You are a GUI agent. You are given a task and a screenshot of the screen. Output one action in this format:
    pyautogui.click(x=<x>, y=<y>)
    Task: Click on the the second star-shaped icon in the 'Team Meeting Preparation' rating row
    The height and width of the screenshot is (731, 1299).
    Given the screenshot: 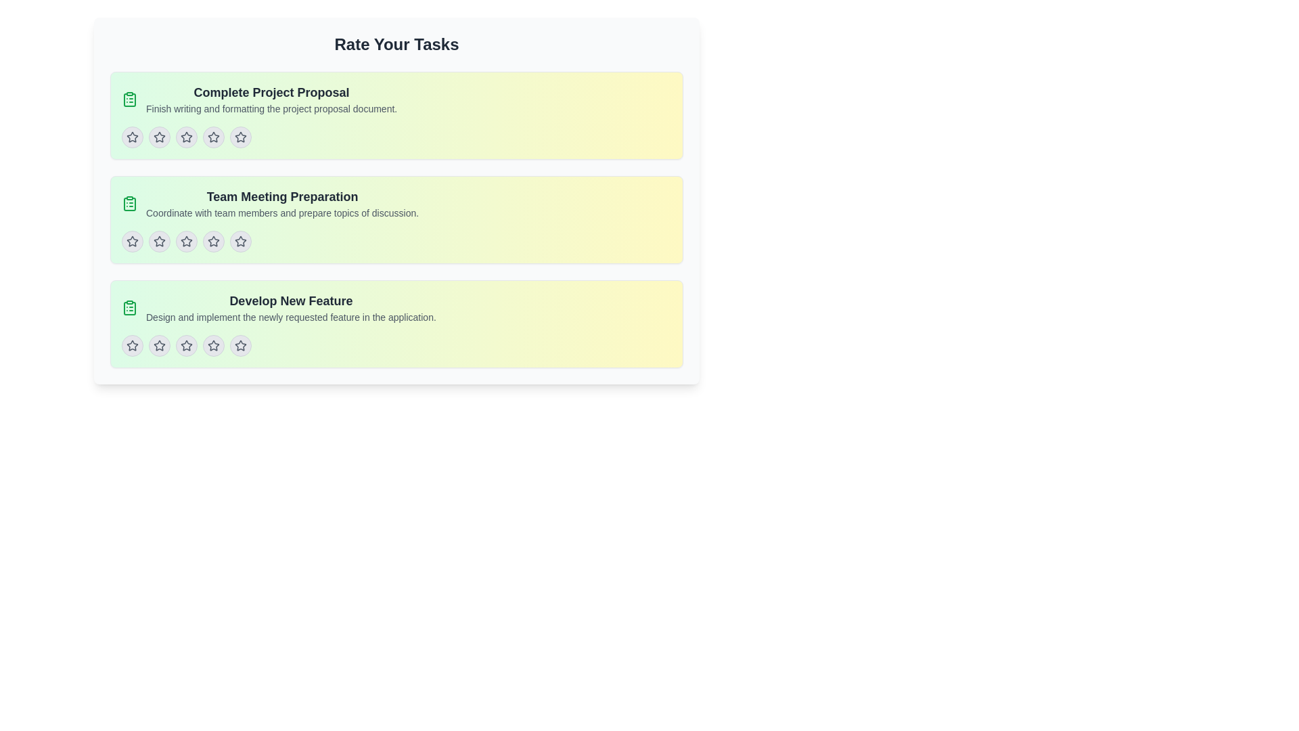 What is the action you would take?
    pyautogui.click(x=159, y=241)
    